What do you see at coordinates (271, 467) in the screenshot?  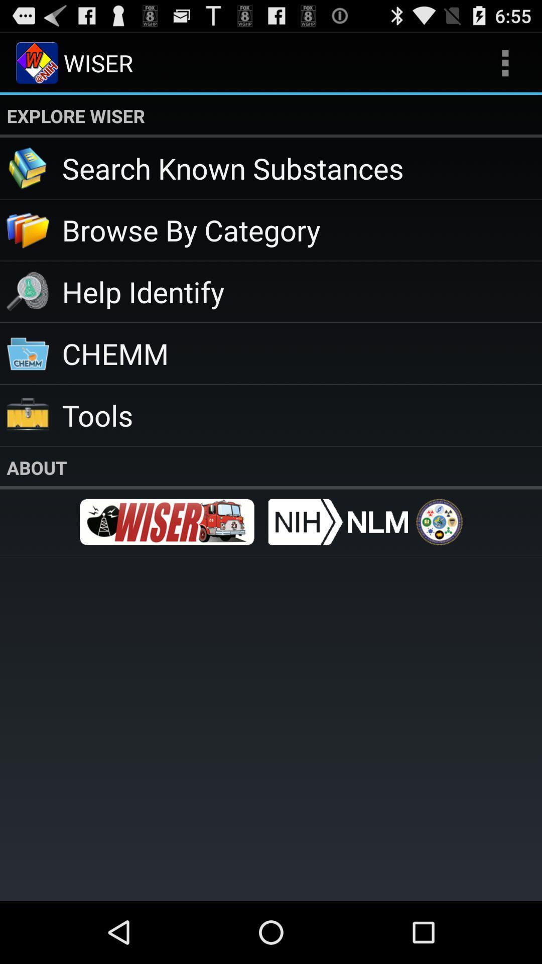 I see `about app` at bounding box center [271, 467].